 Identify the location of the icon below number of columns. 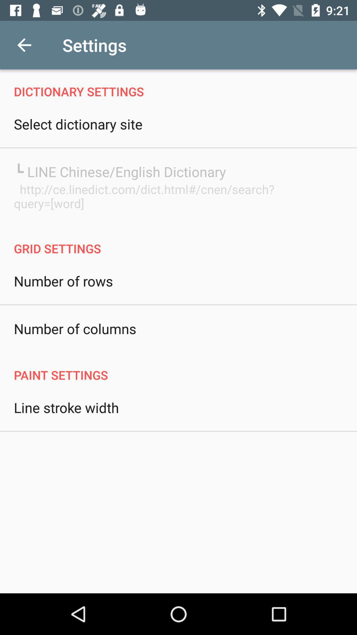
(178, 368).